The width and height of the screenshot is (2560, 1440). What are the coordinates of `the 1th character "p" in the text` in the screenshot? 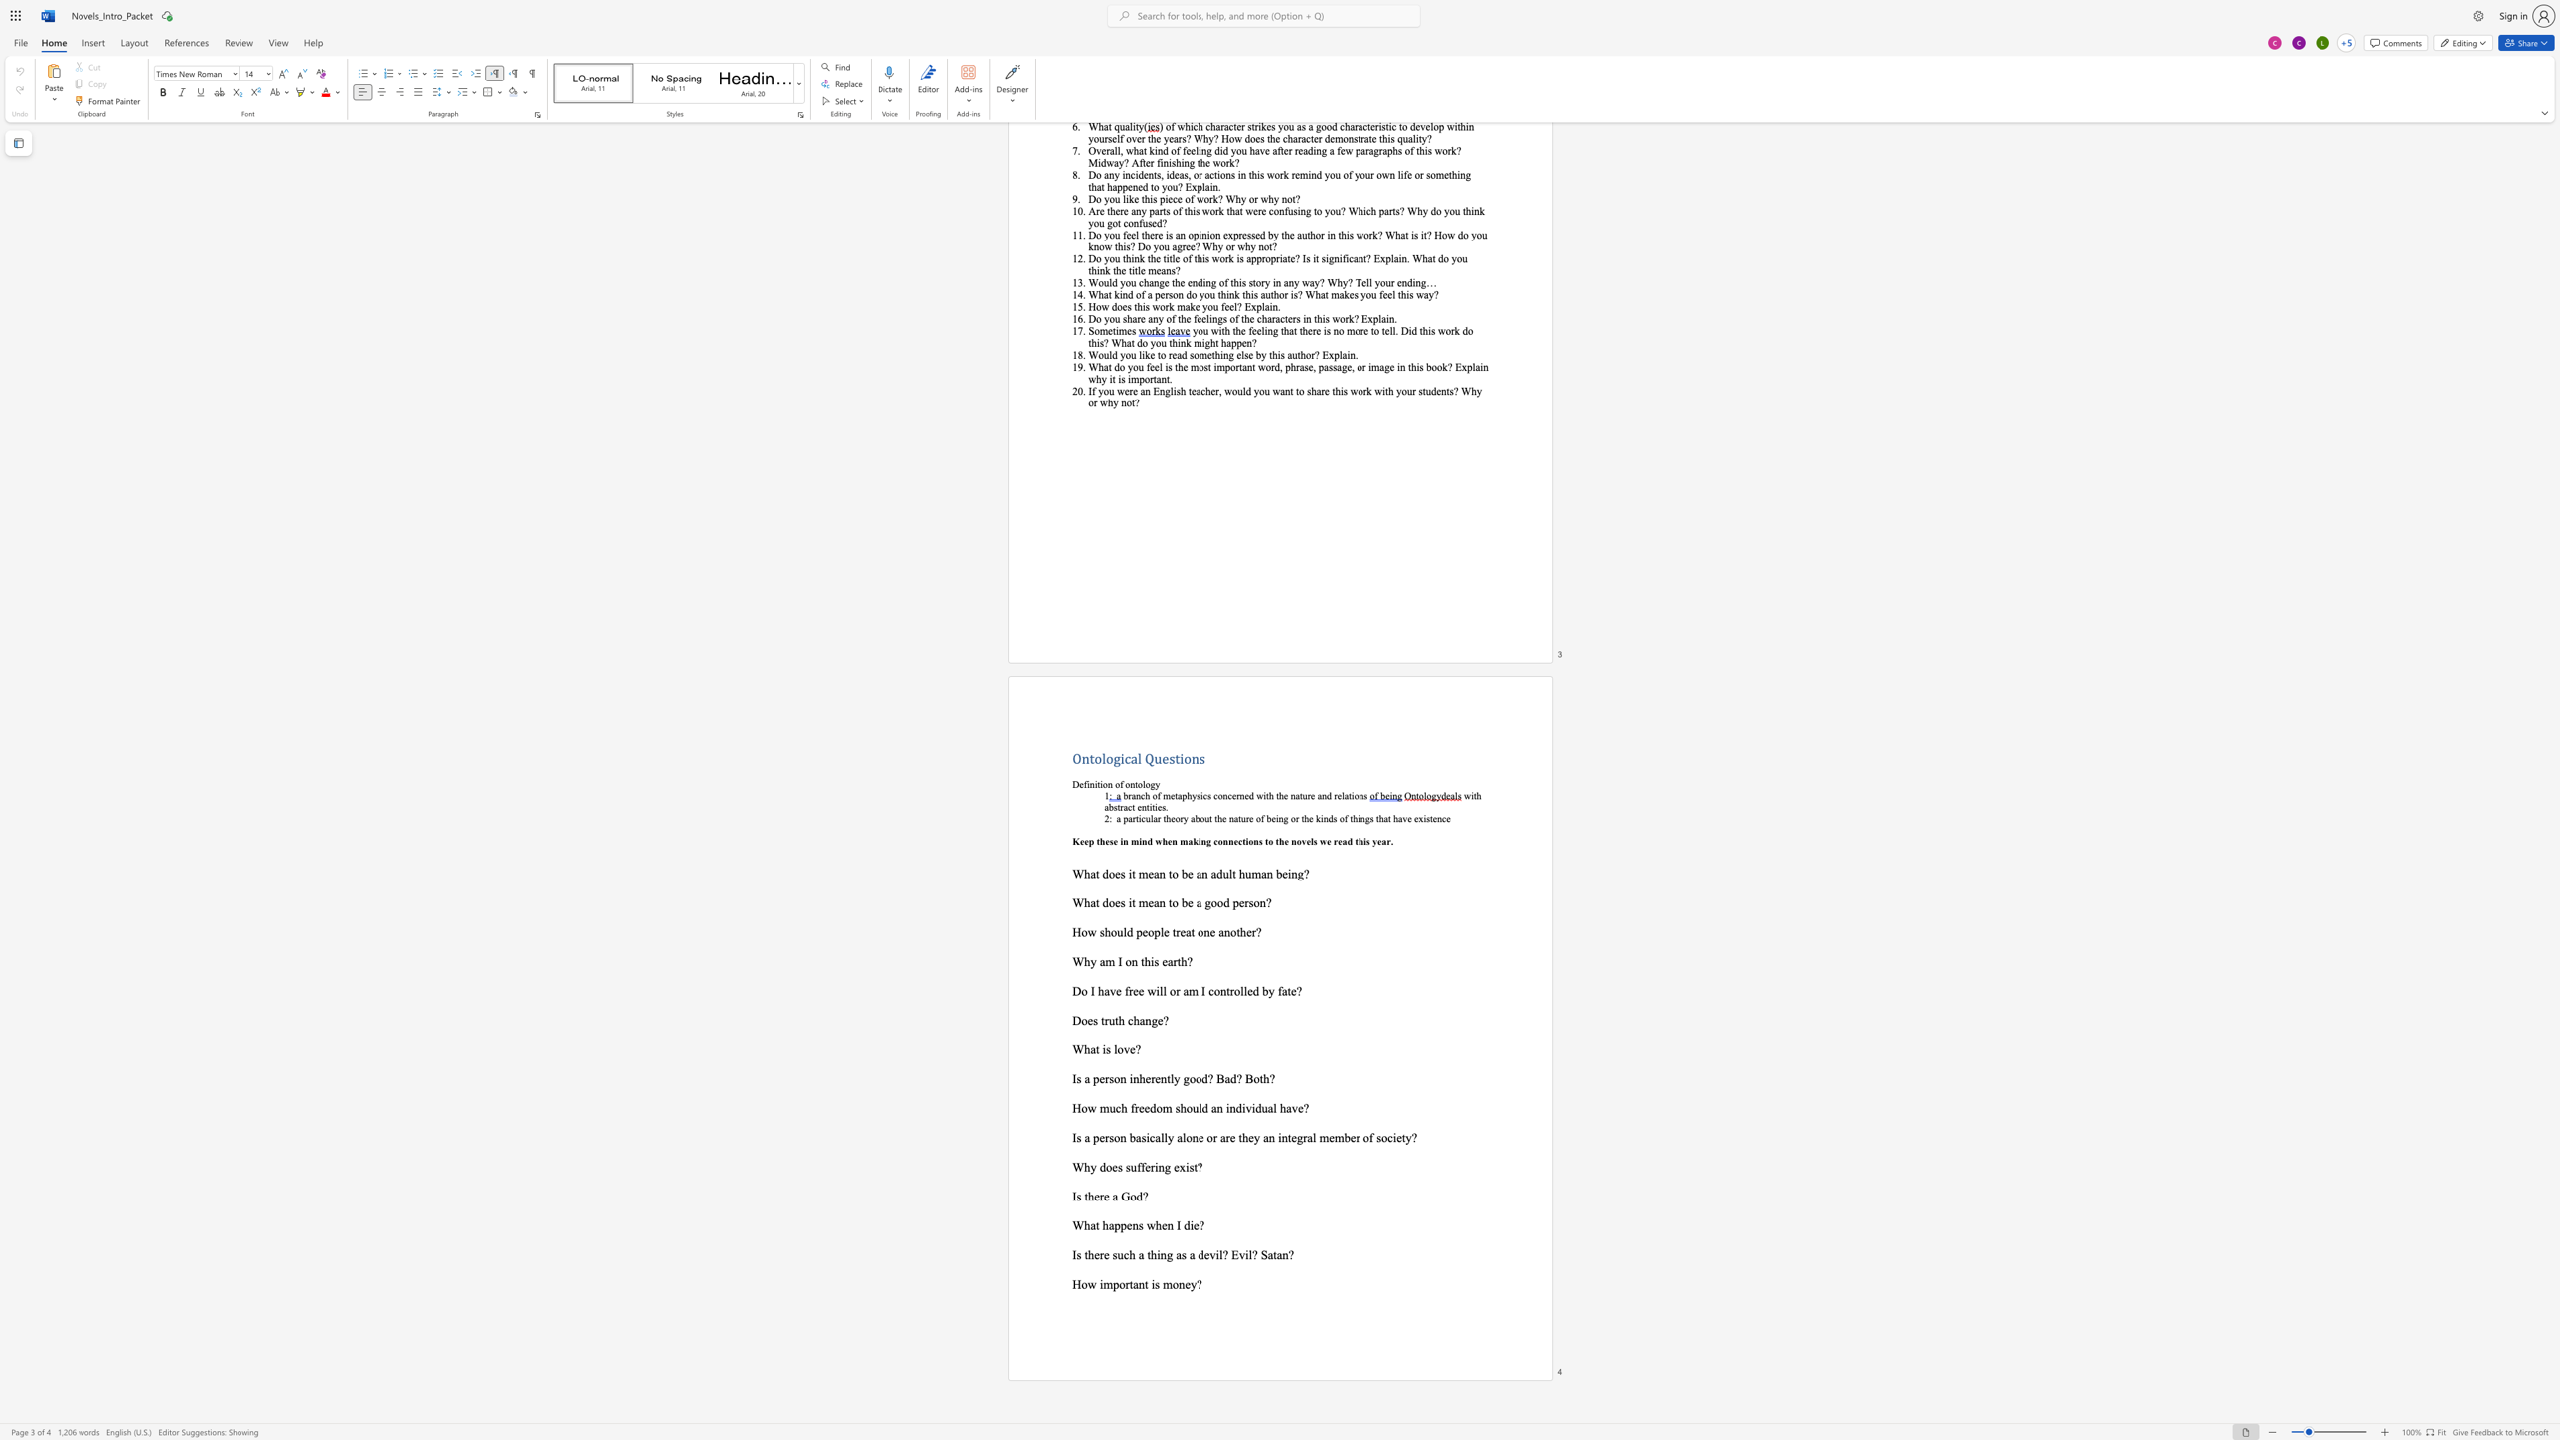 It's located at (1117, 1224).